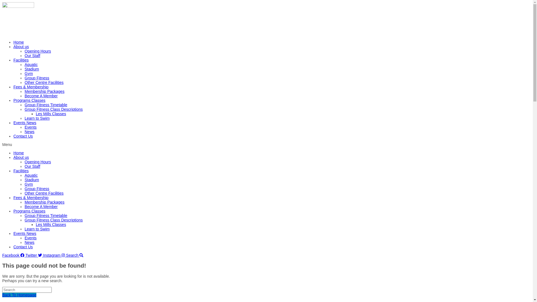 The width and height of the screenshot is (537, 302). What do you see at coordinates (2, 2) in the screenshot?
I see `'Skip to content'` at bounding box center [2, 2].